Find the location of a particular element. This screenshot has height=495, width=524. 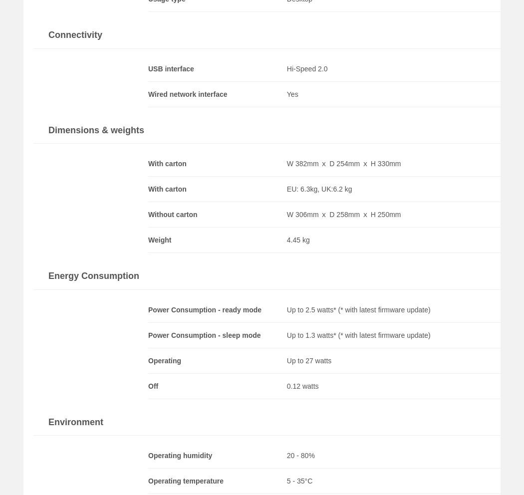

'Overall Ease of Use' is located at coordinates (425, 188).